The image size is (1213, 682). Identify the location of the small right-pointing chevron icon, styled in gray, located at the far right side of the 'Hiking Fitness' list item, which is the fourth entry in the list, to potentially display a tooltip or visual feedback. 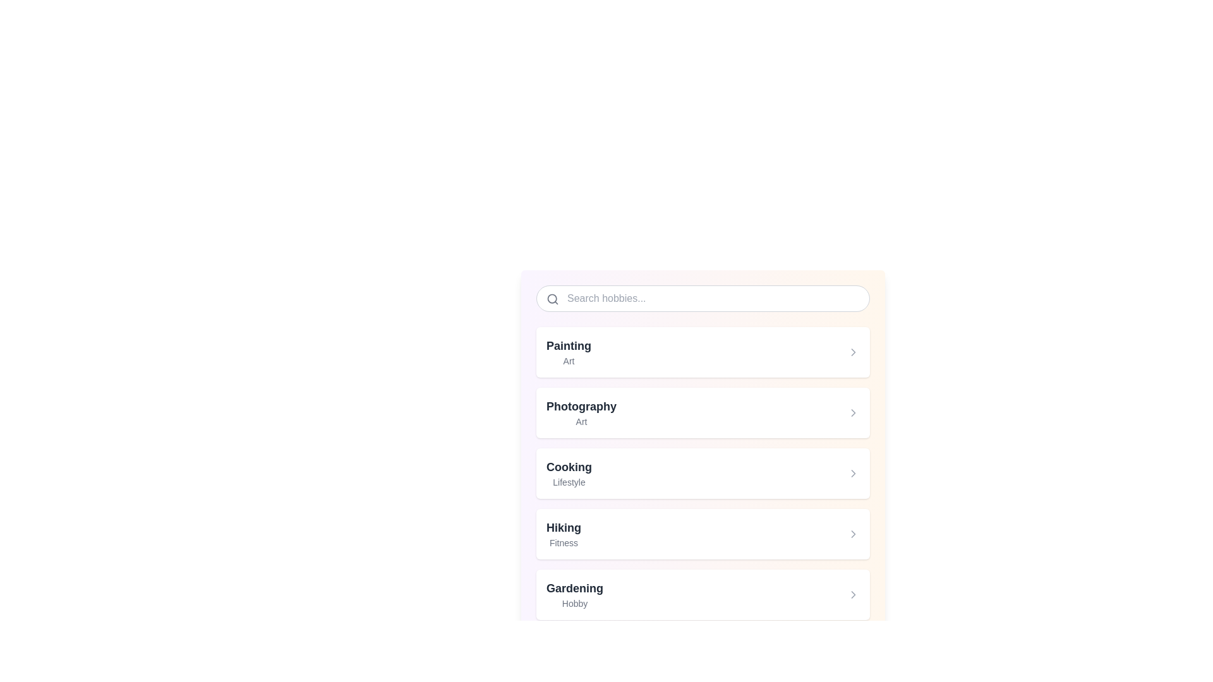
(853, 534).